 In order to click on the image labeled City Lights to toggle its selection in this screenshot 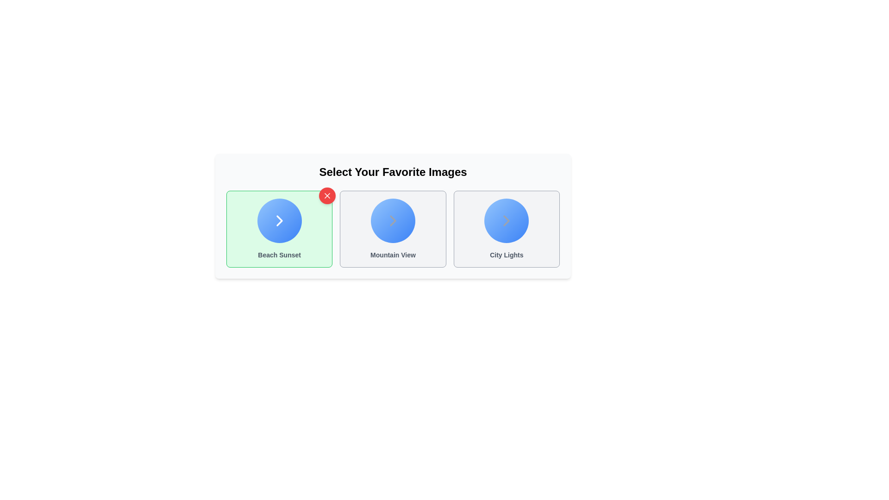, I will do `click(506, 229)`.